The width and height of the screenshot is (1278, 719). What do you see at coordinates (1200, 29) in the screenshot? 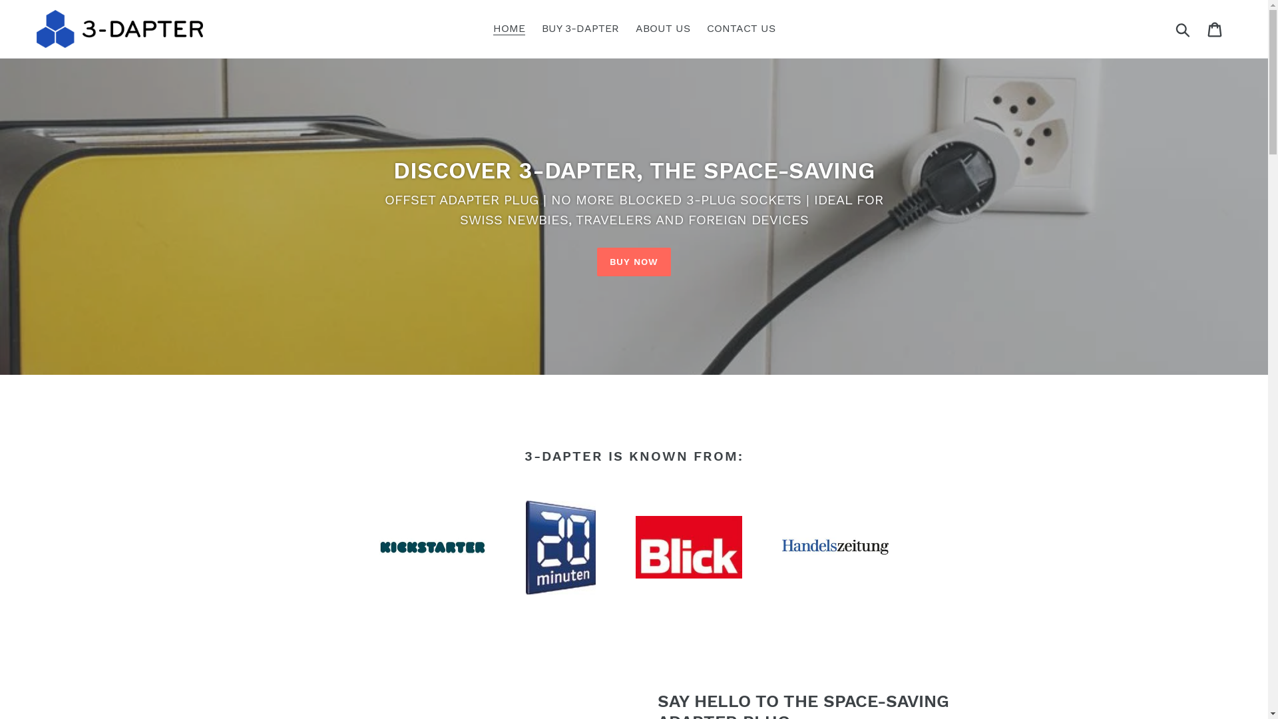
I see `'Cart'` at bounding box center [1200, 29].